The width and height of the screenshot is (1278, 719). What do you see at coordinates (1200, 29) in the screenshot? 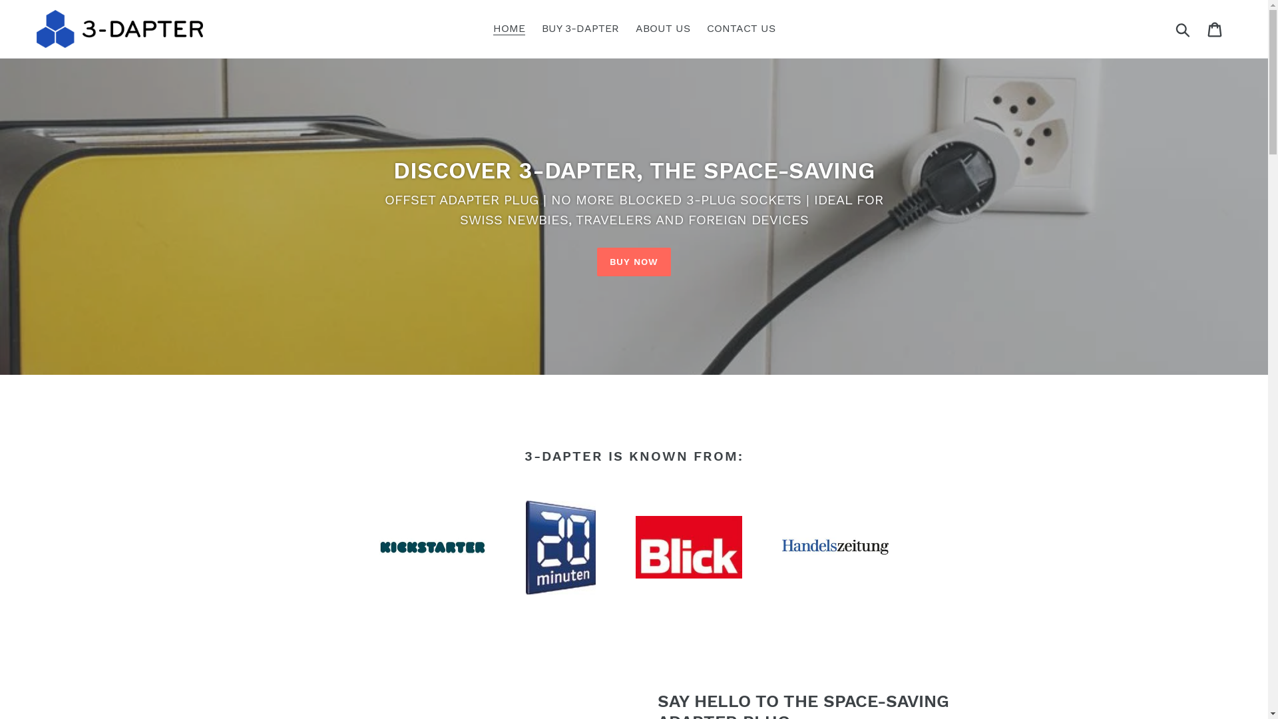
I see `'Cart'` at bounding box center [1200, 29].